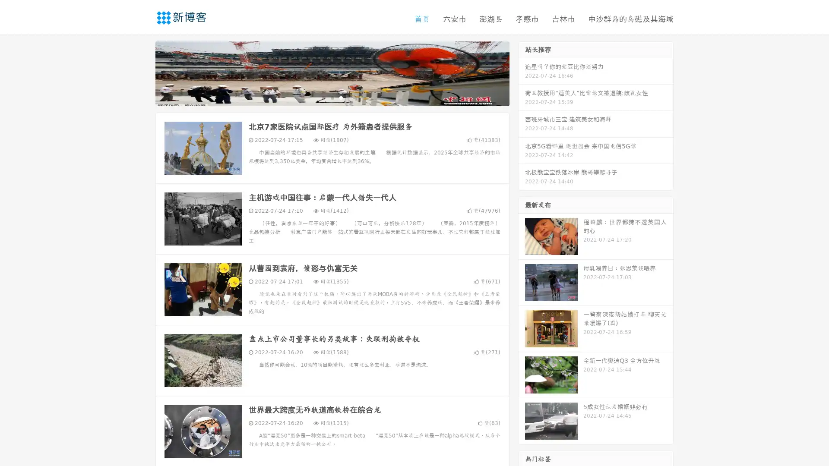 The image size is (829, 466). I want to click on Previous slide, so click(142, 72).